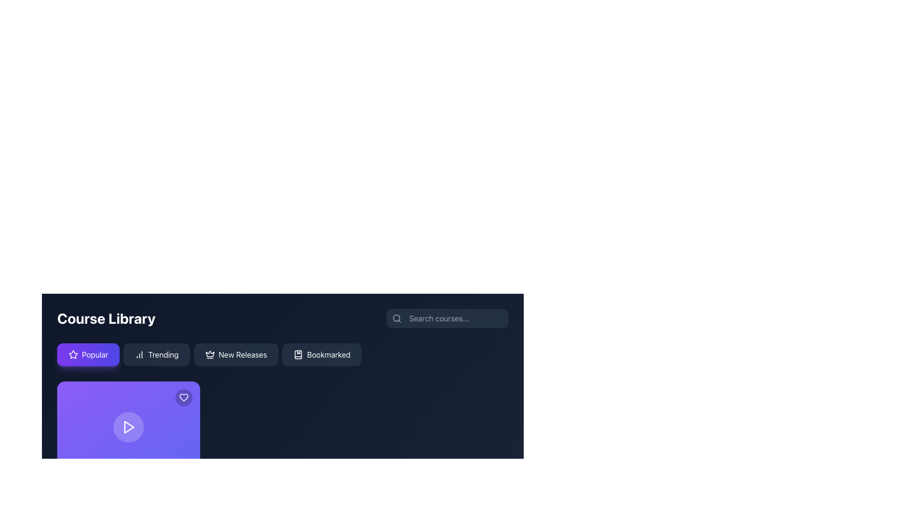 This screenshot has height=515, width=915. What do you see at coordinates (183, 397) in the screenshot?
I see `the heart icon located in the upper-right corner of the purple card` at bounding box center [183, 397].